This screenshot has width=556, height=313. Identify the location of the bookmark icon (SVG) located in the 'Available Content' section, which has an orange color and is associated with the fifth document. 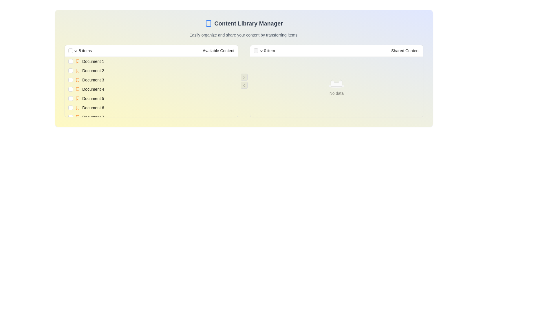
(77, 98).